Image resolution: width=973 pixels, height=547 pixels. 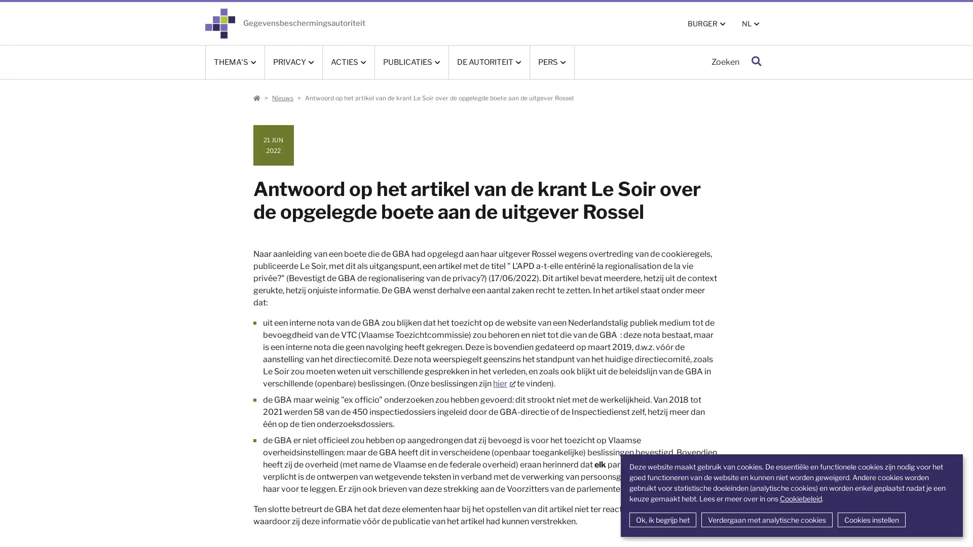 What do you see at coordinates (662, 520) in the screenshot?
I see `Ok, ik begrijp het` at bounding box center [662, 520].